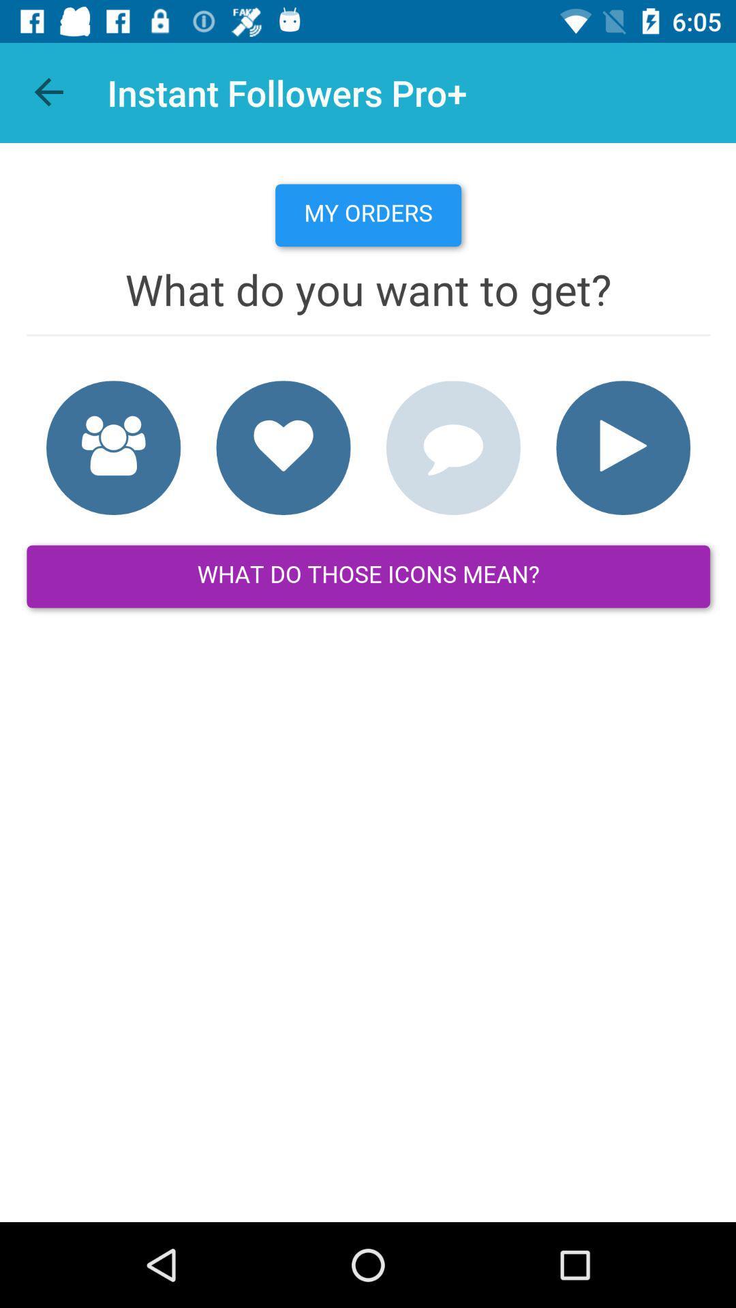 This screenshot has height=1308, width=736. I want to click on previews button, so click(49, 92).